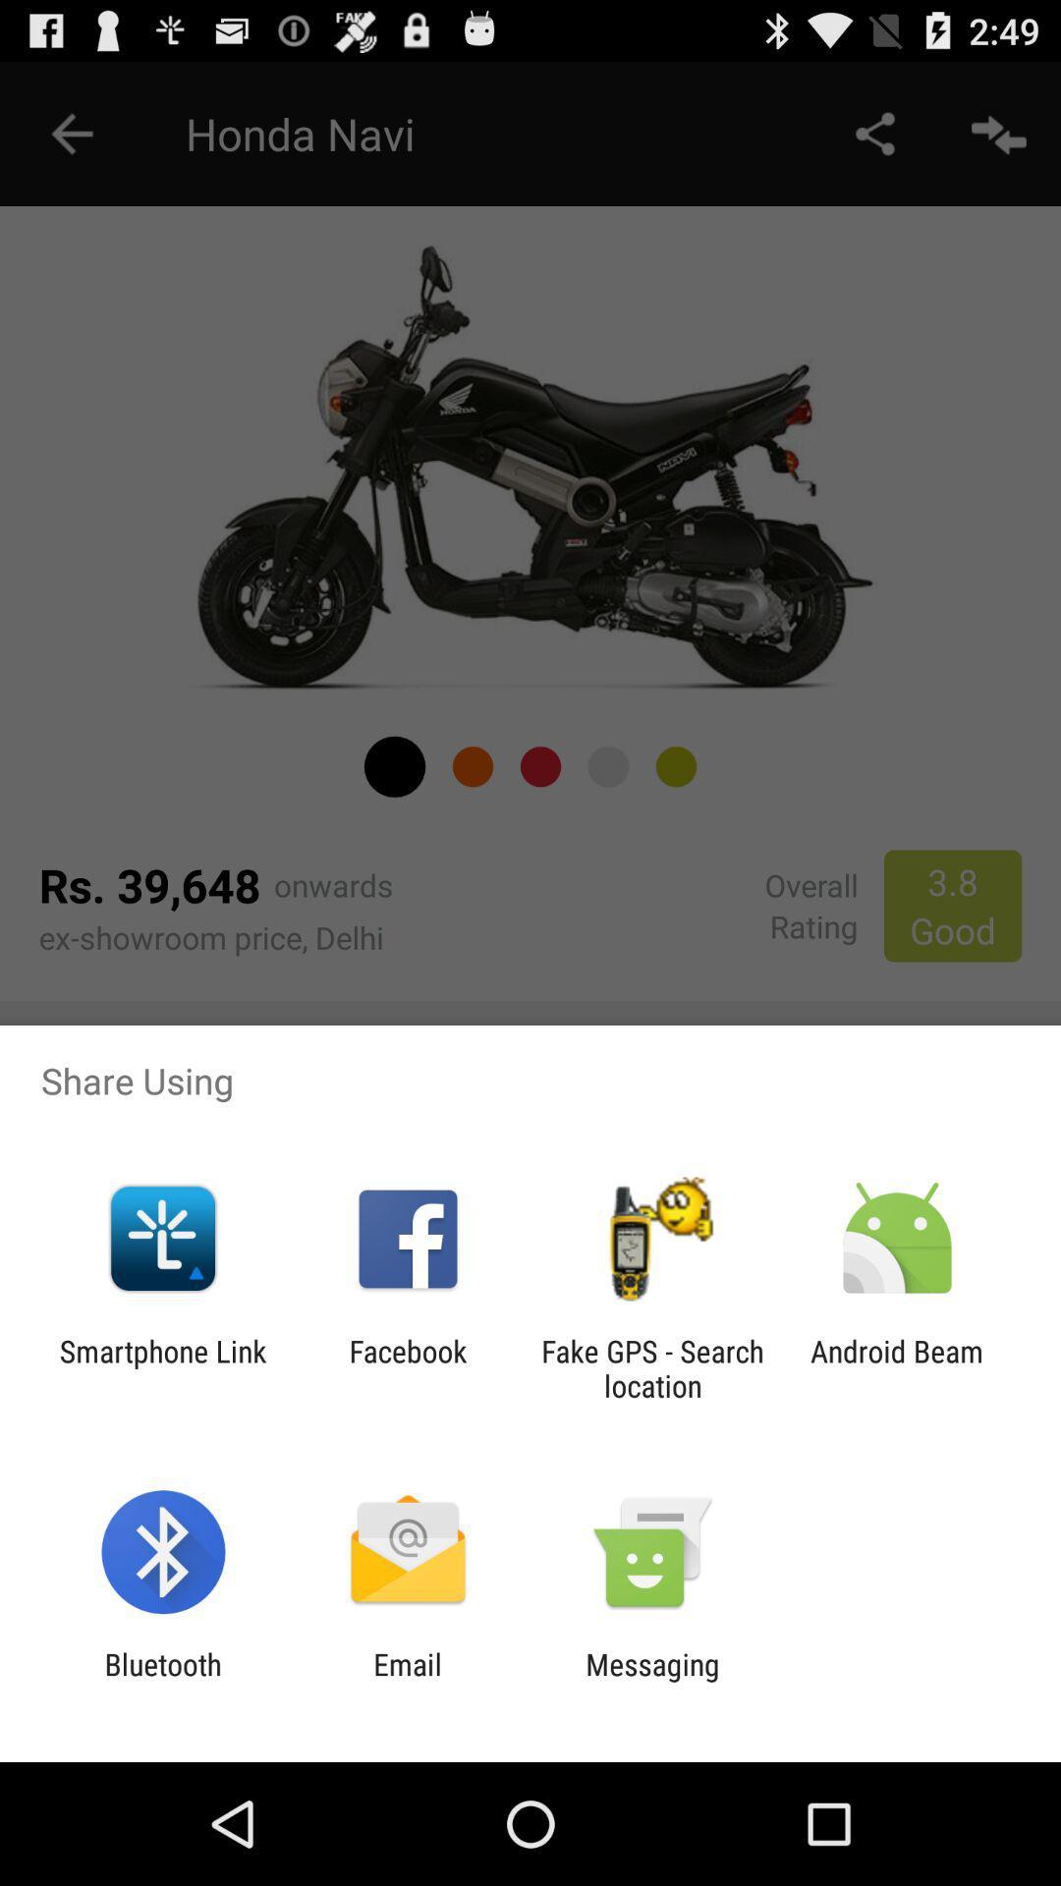 This screenshot has width=1061, height=1886. Describe the element at coordinates (652, 1367) in the screenshot. I see `icon to the right of facebook item` at that location.